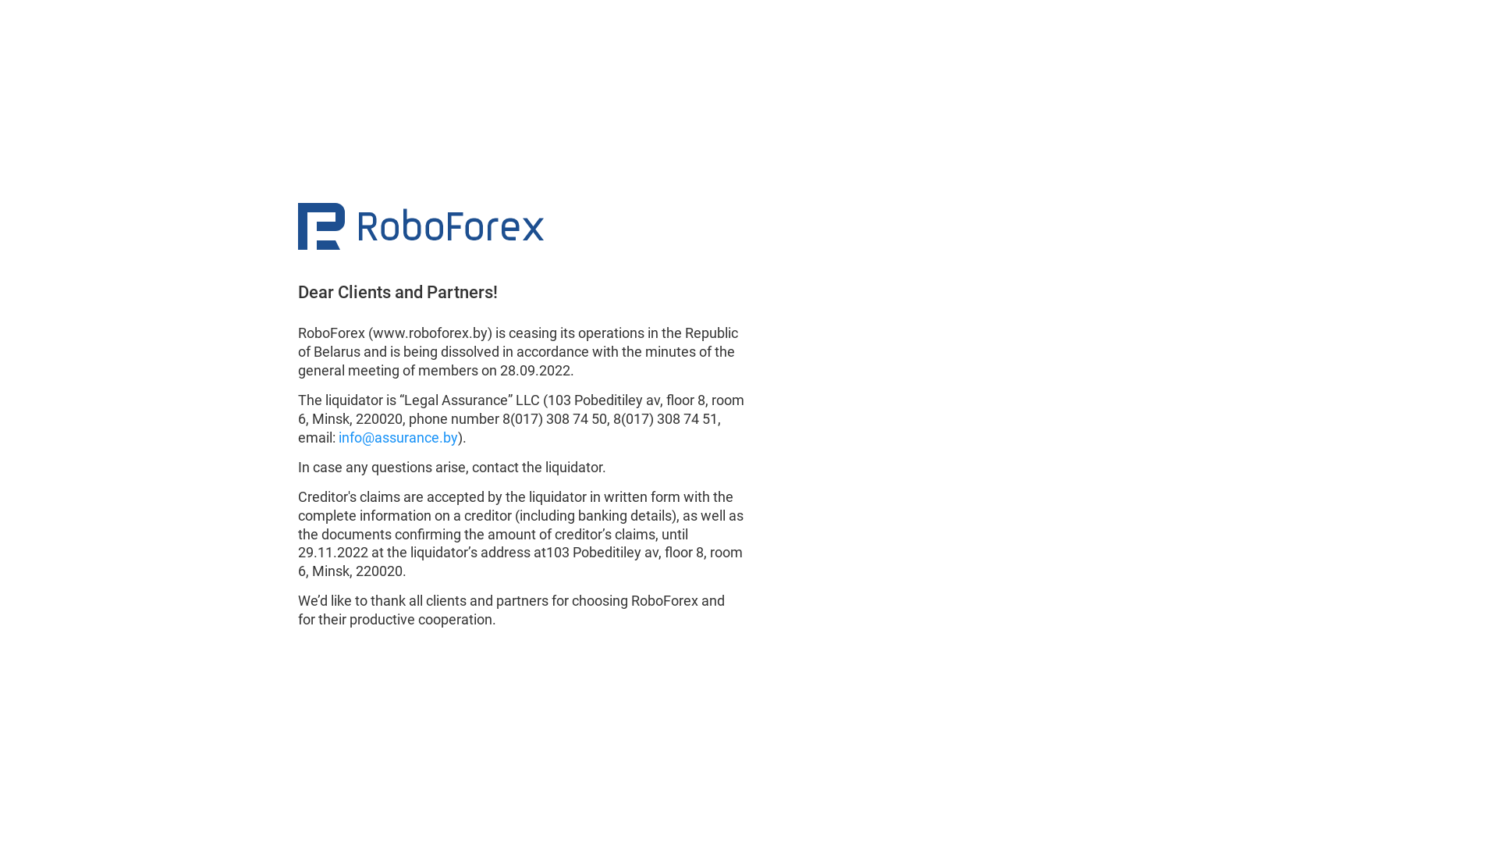 The height and width of the screenshot is (843, 1498). I want to click on 'info@assurance.by', so click(337, 437).